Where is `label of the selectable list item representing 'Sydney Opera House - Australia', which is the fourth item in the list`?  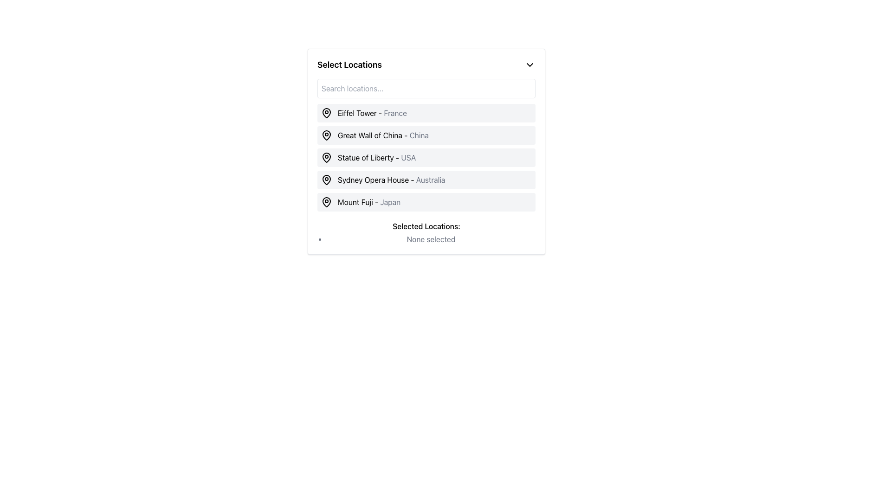
label of the selectable list item representing 'Sydney Opera House - Australia', which is the fourth item in the list is located at coordinates (426, 180).